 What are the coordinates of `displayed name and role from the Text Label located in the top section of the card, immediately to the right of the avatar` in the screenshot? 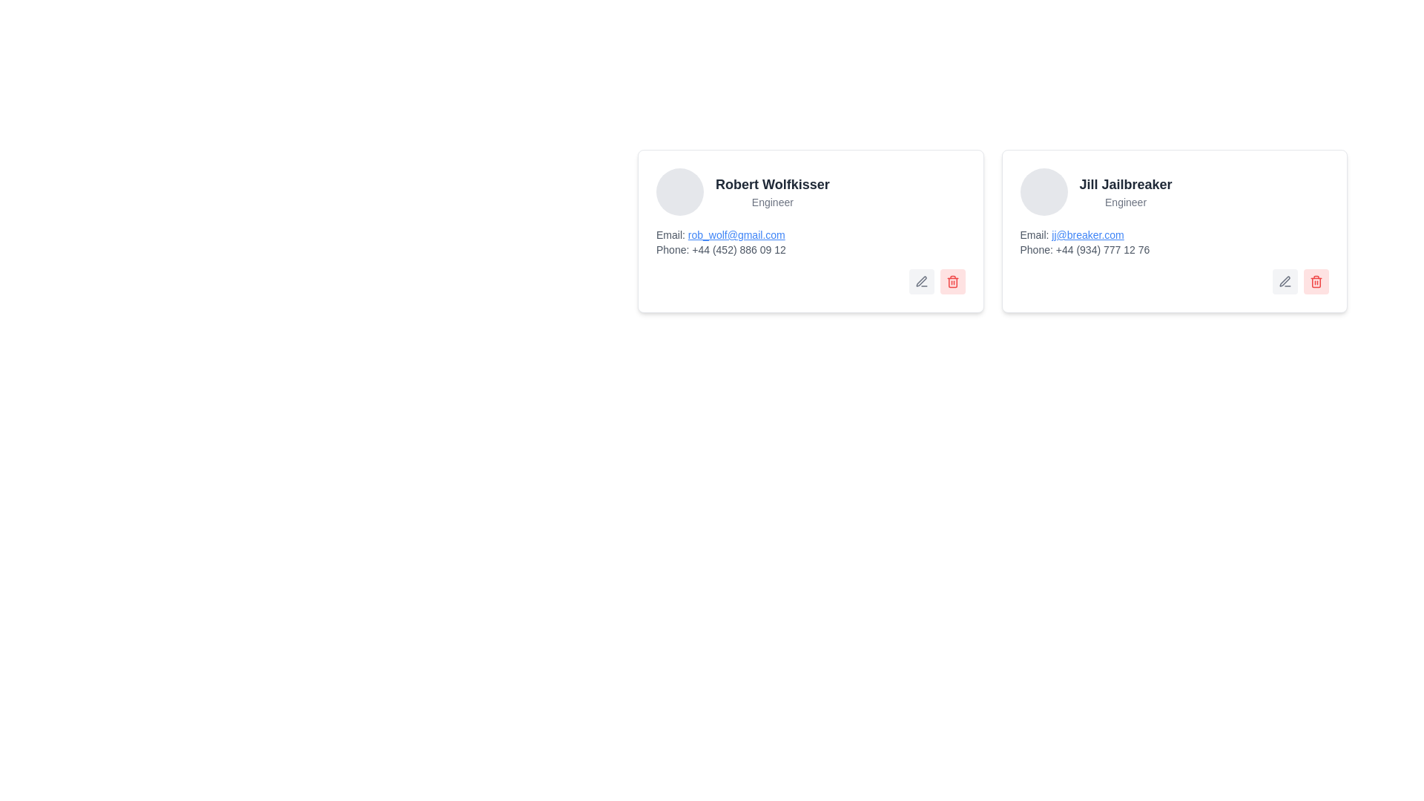 It's located at (810, 191).